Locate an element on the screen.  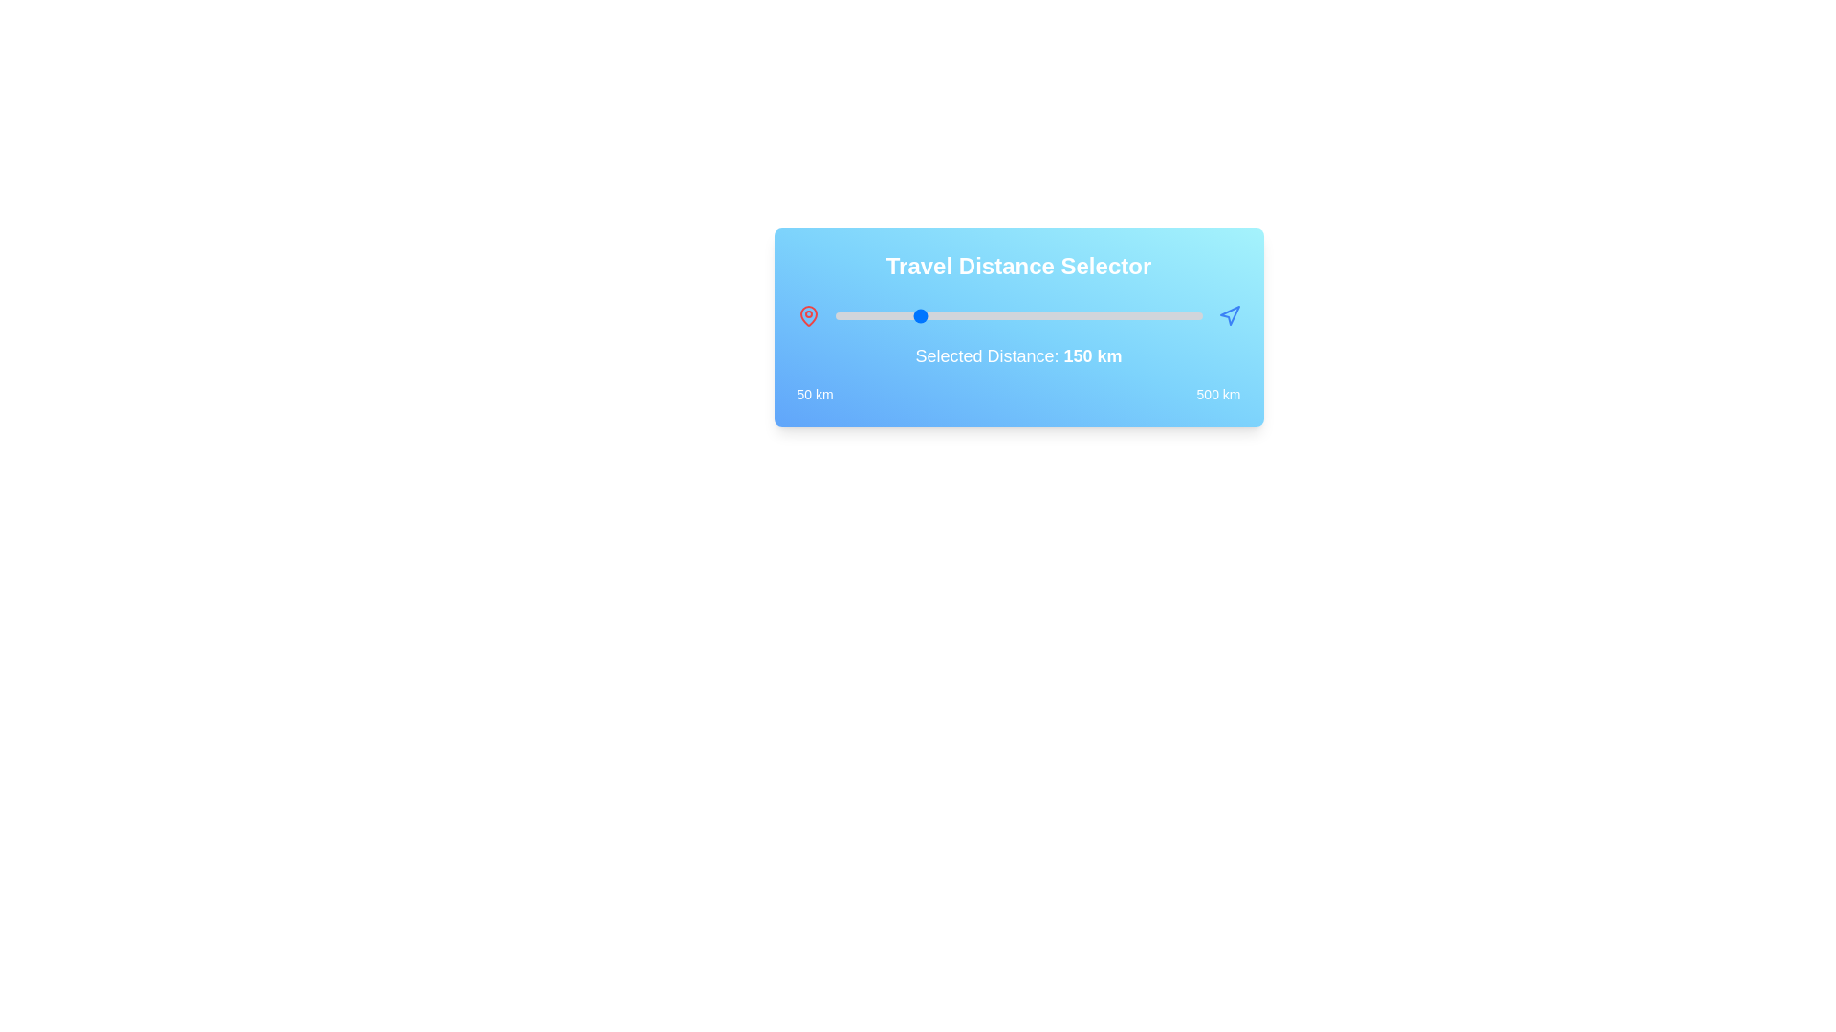
the travel distance to 461 km by interacting with the slider is located at coordinates (1169, 315).